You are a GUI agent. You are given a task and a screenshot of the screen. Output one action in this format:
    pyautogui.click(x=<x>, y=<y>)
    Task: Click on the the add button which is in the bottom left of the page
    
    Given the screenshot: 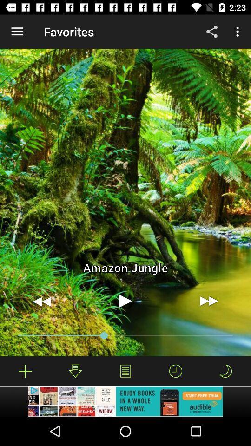 What is the action you would take?
    pyautogui.click(x=25, y=371)
    